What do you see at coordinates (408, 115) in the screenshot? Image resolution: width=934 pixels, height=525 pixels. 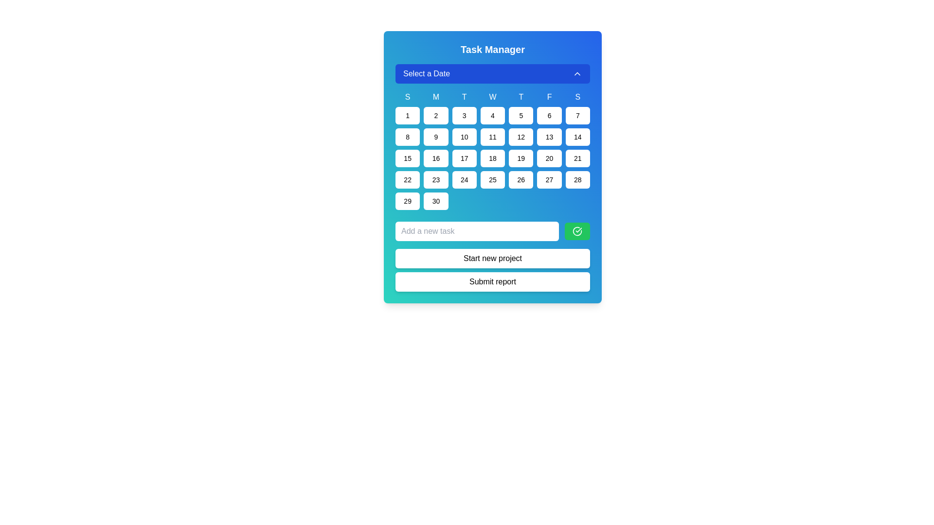 I see `the button located in the first row and first column of the calendar grid, marked under the 'S' header` at bounding box center [408, 115].